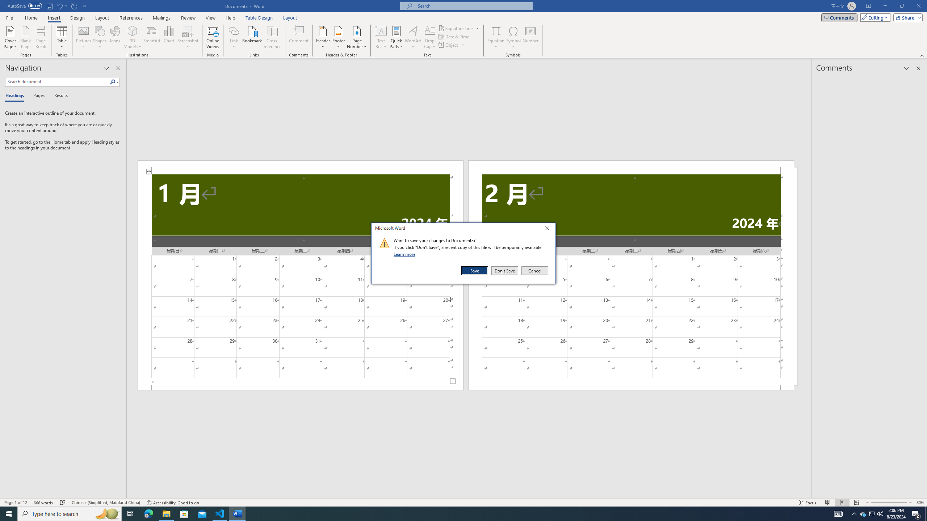  I want to click on 'Chart...', so click(169, 37).